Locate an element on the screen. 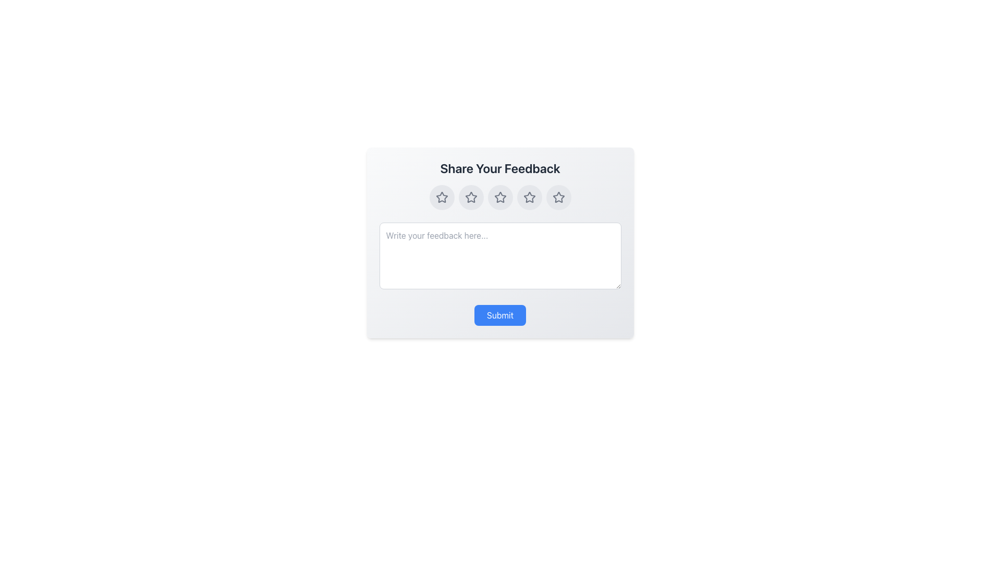 This screenshot has width=1001, height=563. the fourth star icon from the left in the horizontal arrangement of five stars at the top center of the feedback panel for detailed selection is located at coordinates (529, 197).